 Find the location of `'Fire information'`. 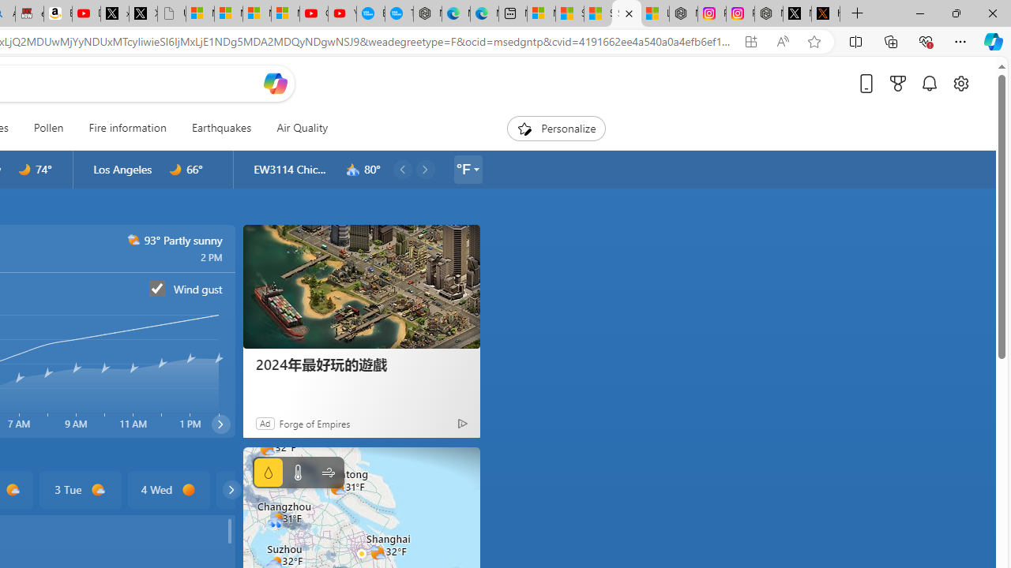

'Fire information' is located at coordinates (127, 128).